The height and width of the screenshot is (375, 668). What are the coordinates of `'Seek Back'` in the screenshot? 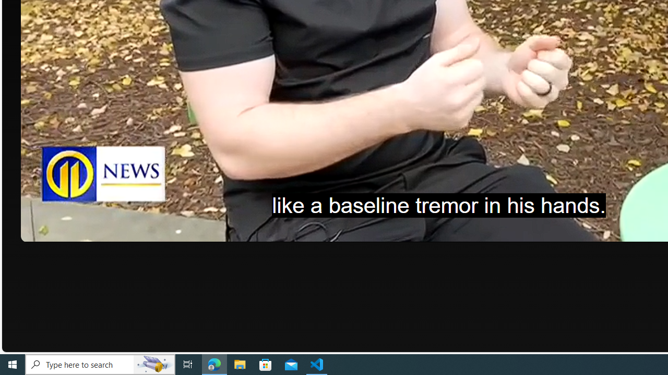 It's located at (57, 230).